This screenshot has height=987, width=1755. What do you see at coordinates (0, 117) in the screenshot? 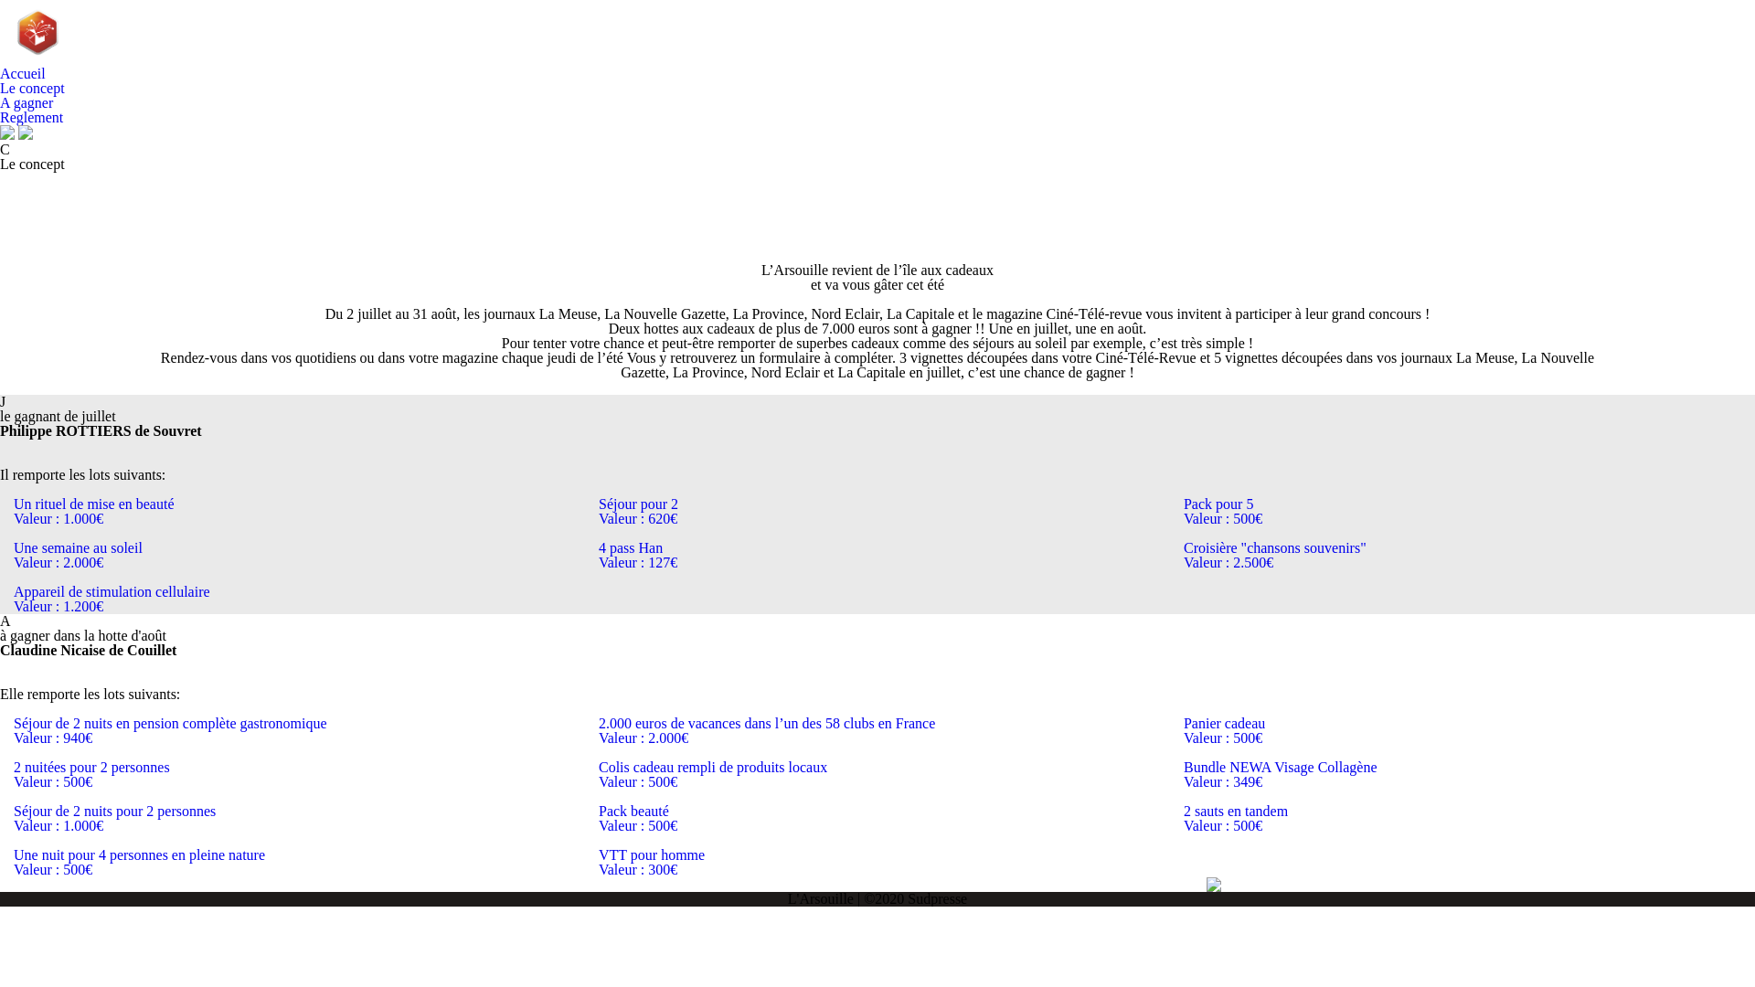
I see `'Reglement'` at bounding box center [0, 117].